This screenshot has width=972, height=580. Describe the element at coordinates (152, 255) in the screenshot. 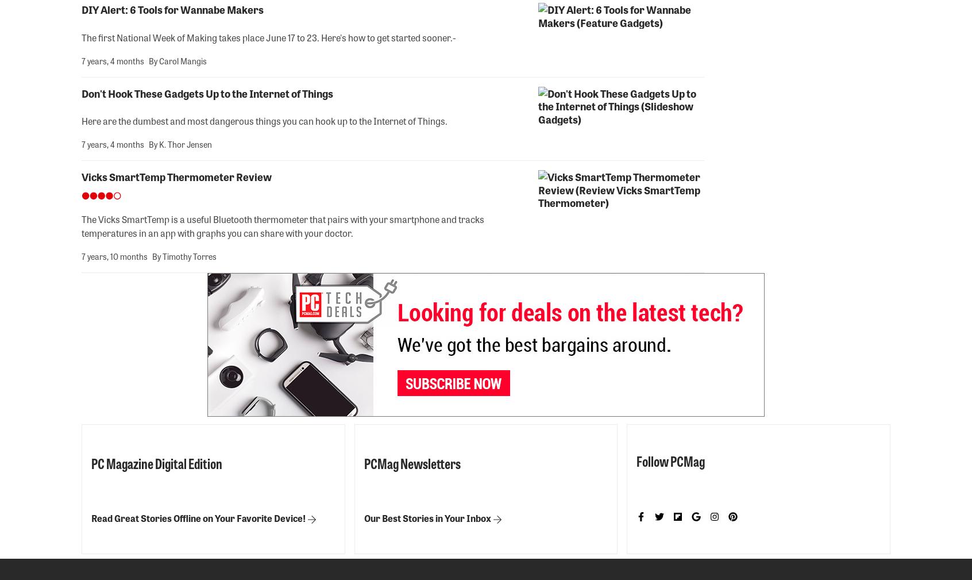

I see `'By Timothy Torres'` at that location.